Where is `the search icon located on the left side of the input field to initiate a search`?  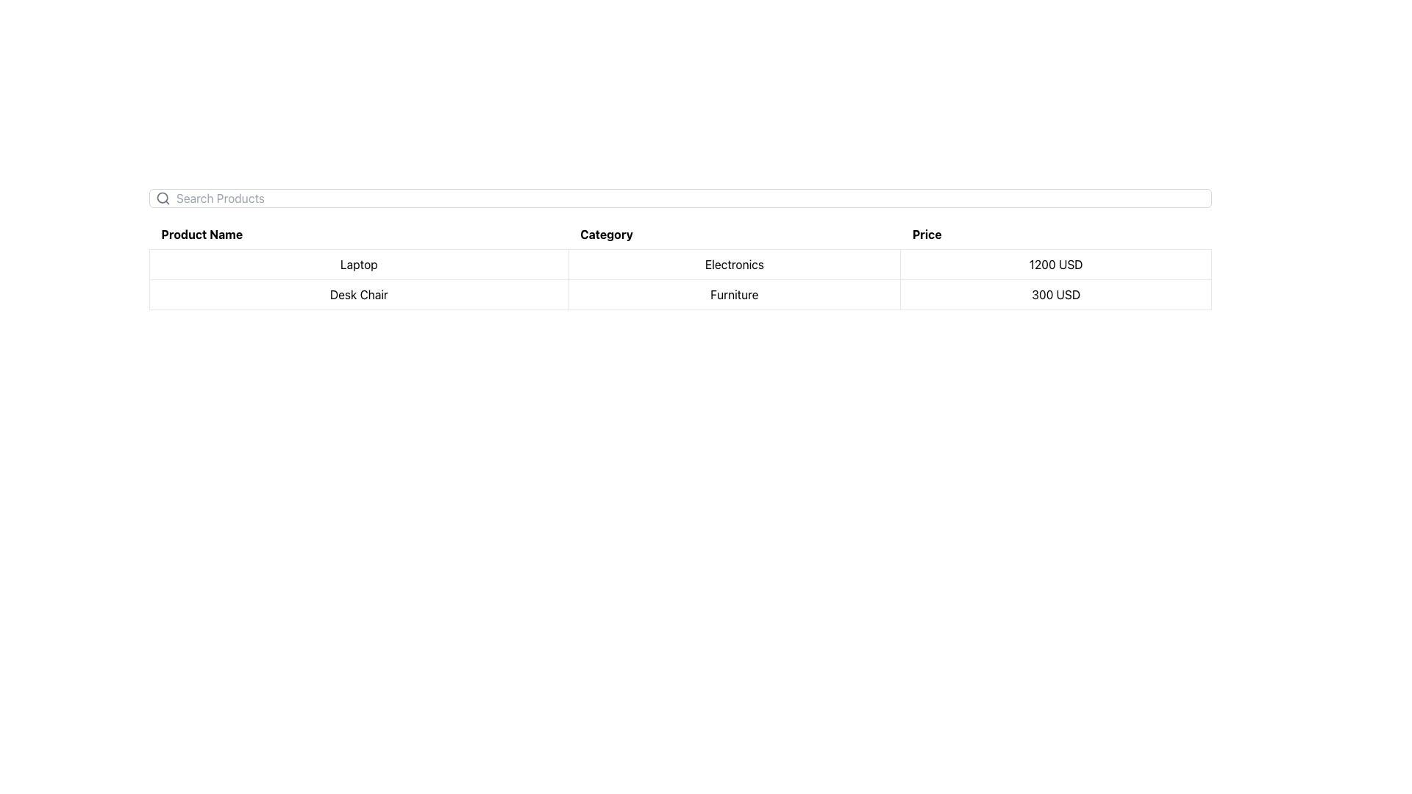
the search icon located on the left side of the input field to initiate a search is located at coordinates (163, 198).